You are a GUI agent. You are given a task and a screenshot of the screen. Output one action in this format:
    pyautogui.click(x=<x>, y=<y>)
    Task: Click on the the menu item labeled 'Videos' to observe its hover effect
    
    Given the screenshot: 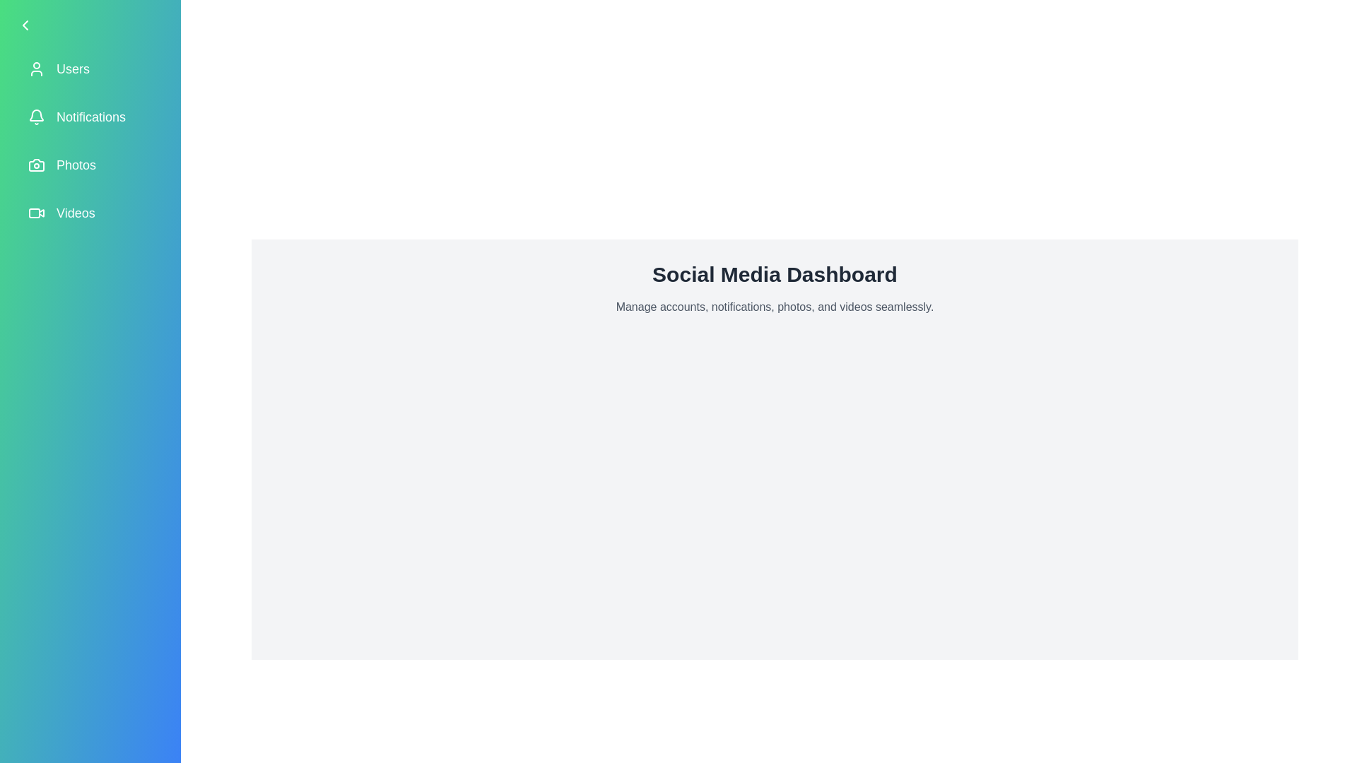 What is the action you would take?
    pyautogui.click(x=90, y=213)
    